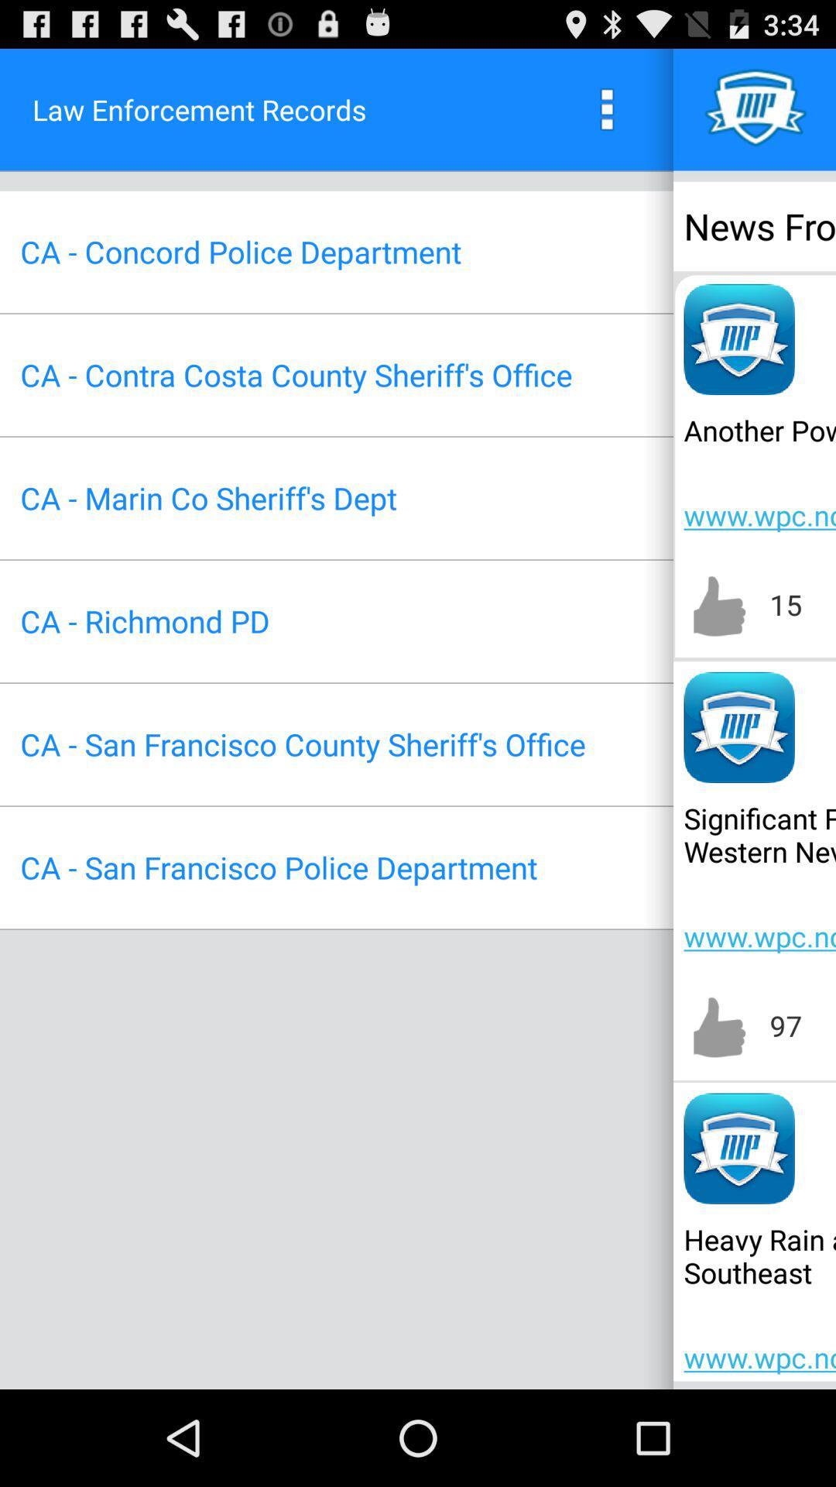 Image resolution: width=836 pixels, height=1487 pixels. I want to click on ca - richmond pd item, so click(145, 621).